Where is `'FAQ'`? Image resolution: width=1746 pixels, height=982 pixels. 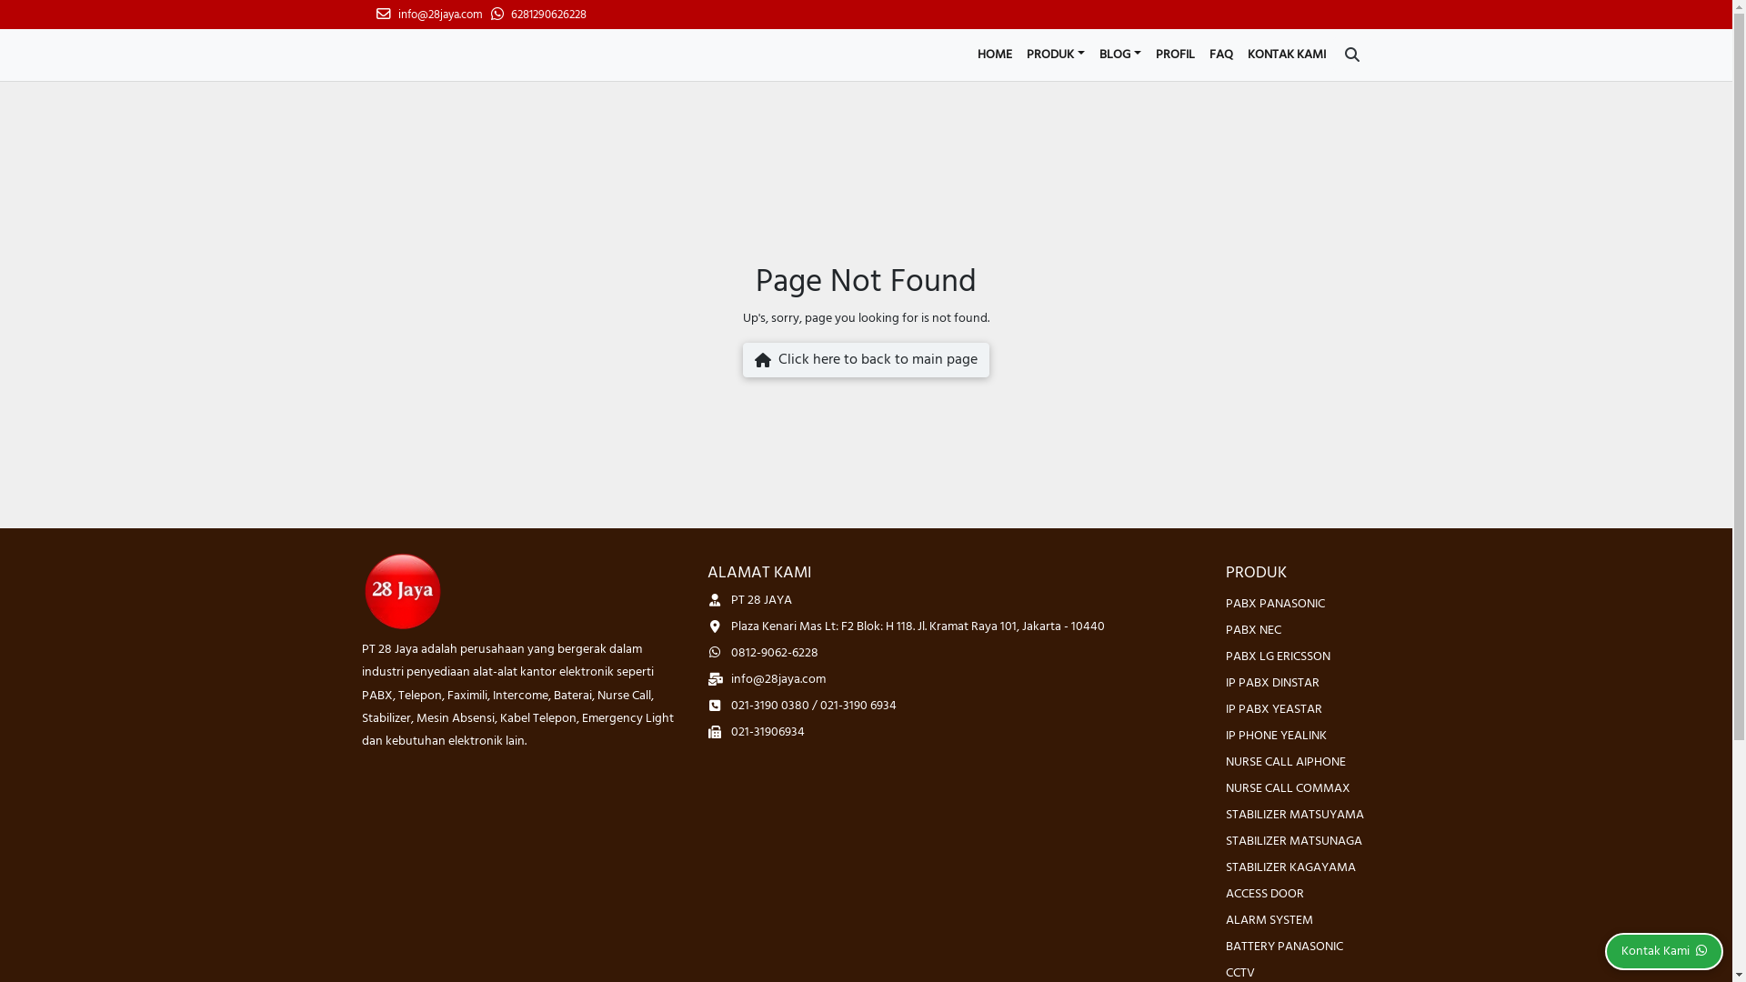
'FAQ' is located at coordinates (1201, 54).